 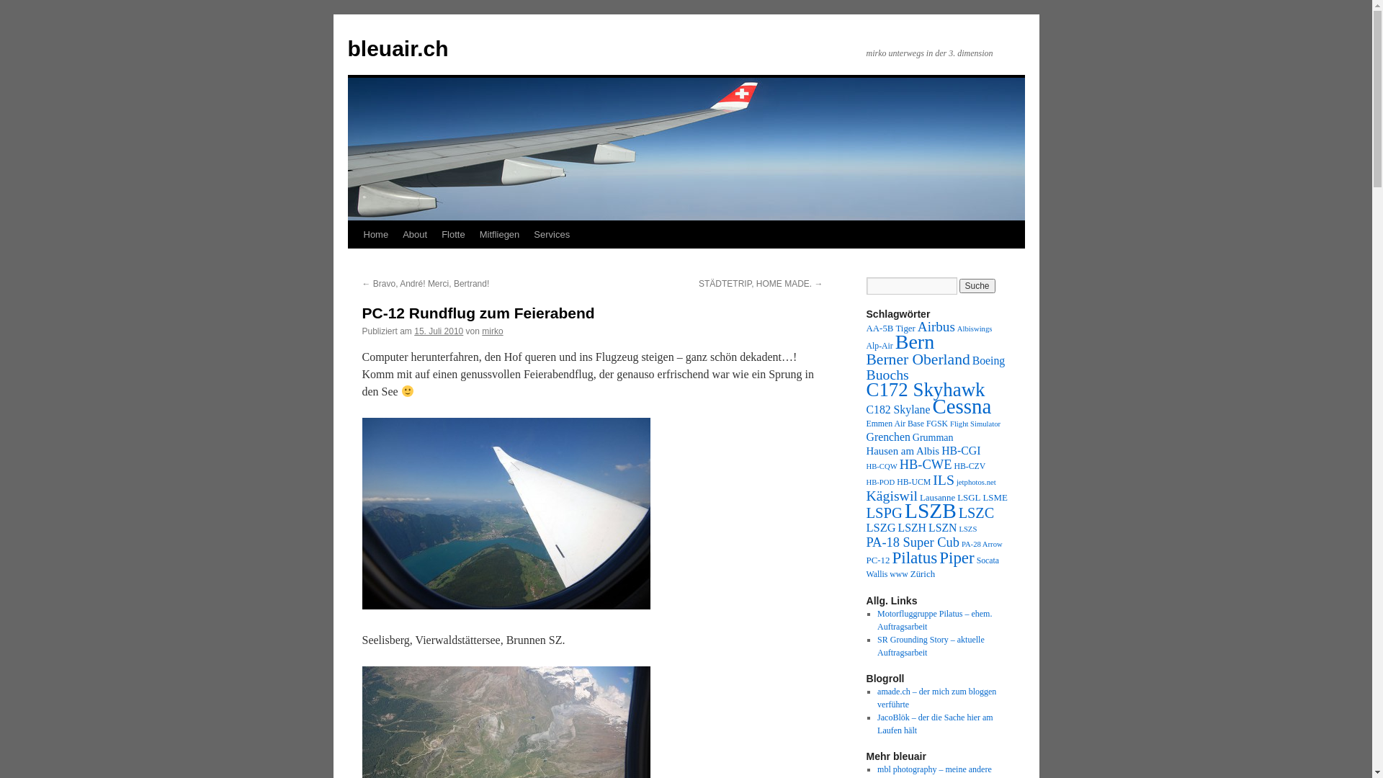 What do you see at coordinates (916, 326) in the screenshot?
I see `'Airbus'` at bounding box center [916, 326].